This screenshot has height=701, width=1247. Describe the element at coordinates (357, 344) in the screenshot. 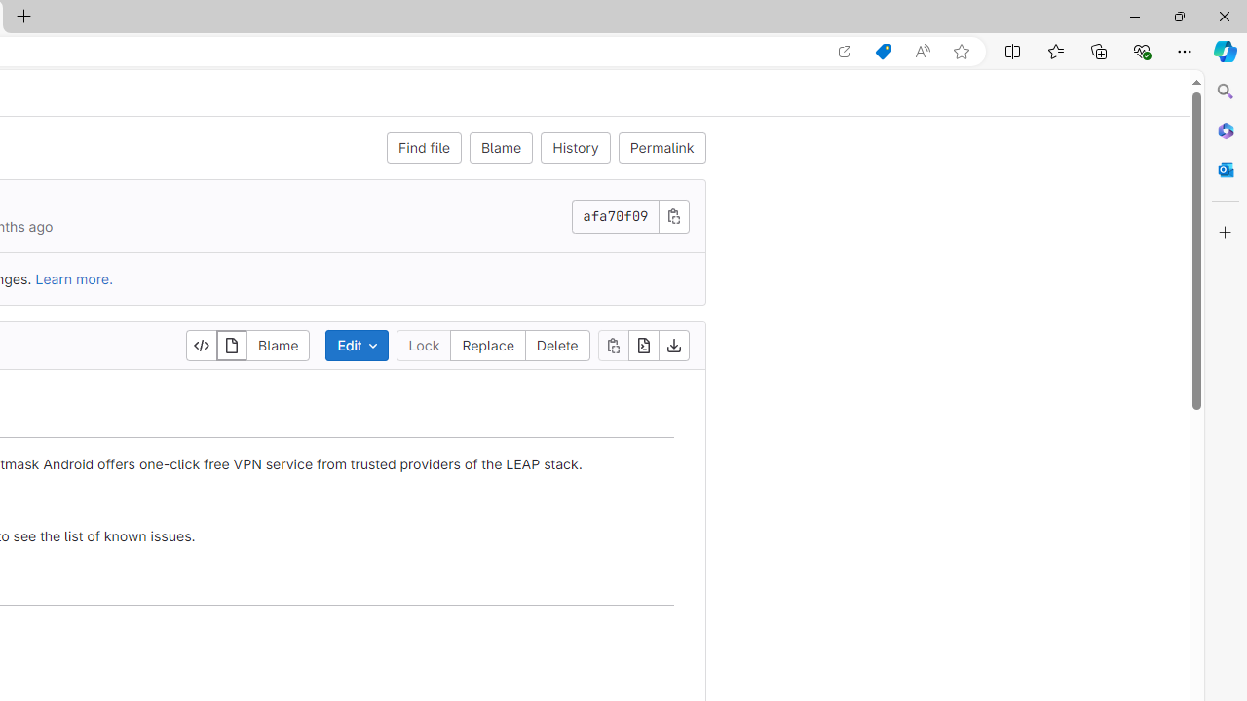

I see `'Edit'` at that location.